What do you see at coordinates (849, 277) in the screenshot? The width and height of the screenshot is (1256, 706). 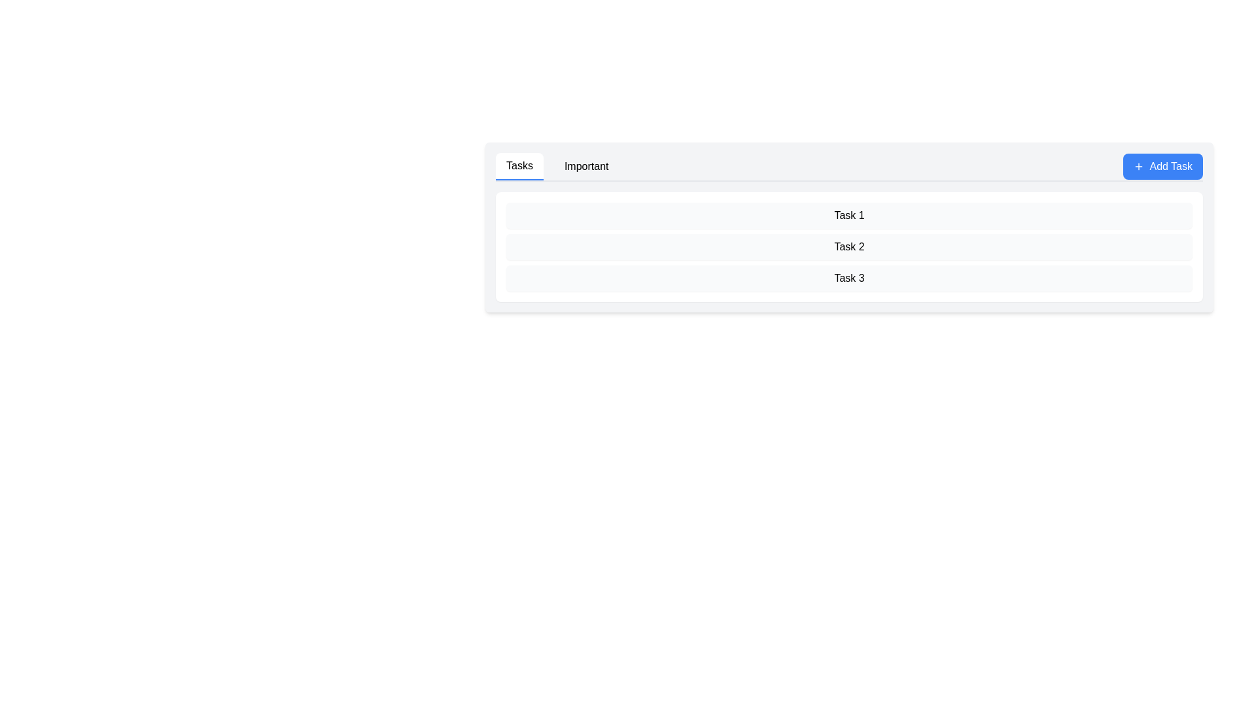 I see `the 'Task 3' list item, which is the last item in a vertical list of tasks located beneath 'Task 2'` at bounding box center [849, 277].